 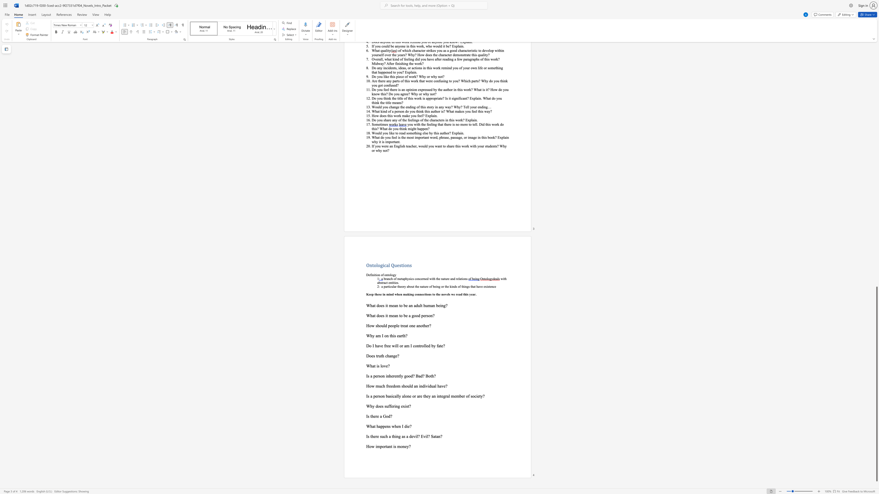 I want to click on the 4th character "a" in the text, so click(x=434, y=436).